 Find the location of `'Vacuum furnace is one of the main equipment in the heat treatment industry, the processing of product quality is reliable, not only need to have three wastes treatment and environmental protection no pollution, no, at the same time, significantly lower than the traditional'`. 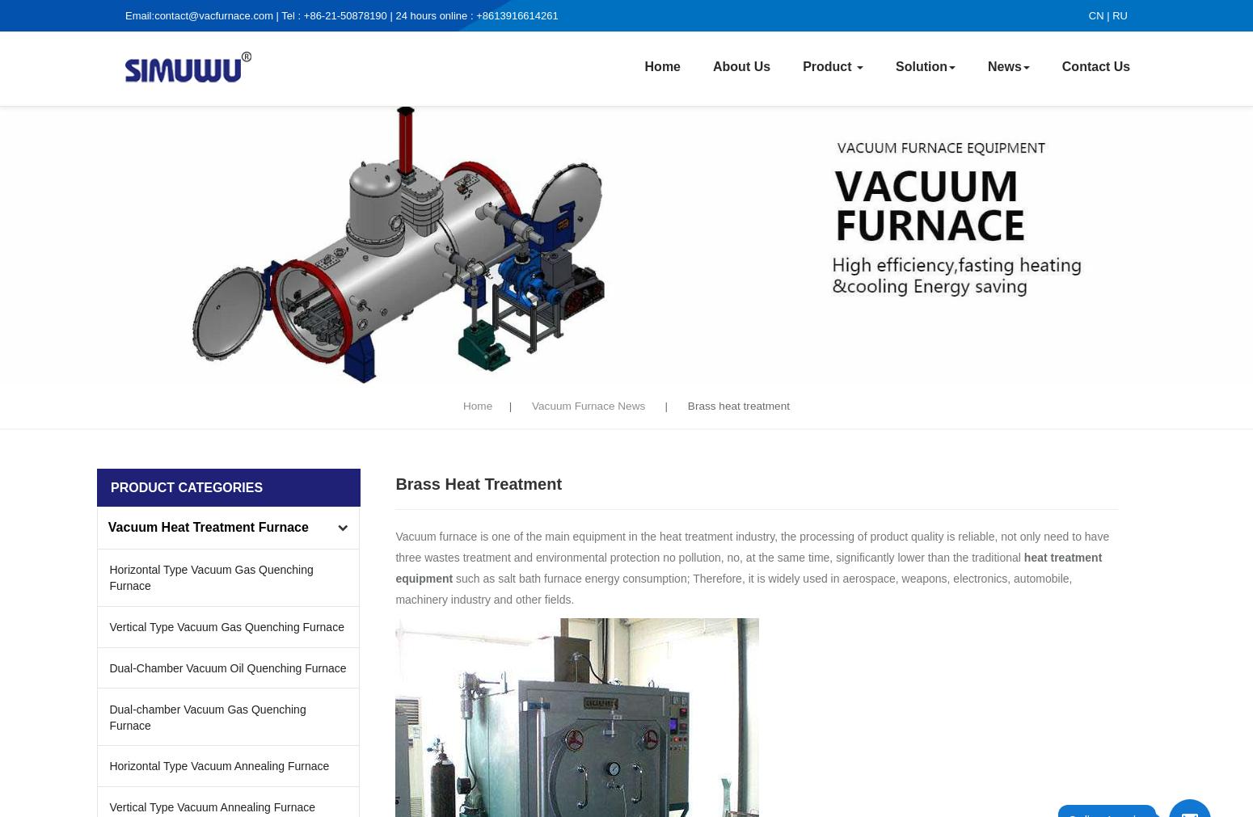

'Vacuum furnace is one of the main equipment in the heat treatment industry, the processing of product quality is reliable, not only need to have three wastes treatment and environmental protection no pollution, no, at the same time, significantly lower than the traditional' is located at coordinates (752, 545).